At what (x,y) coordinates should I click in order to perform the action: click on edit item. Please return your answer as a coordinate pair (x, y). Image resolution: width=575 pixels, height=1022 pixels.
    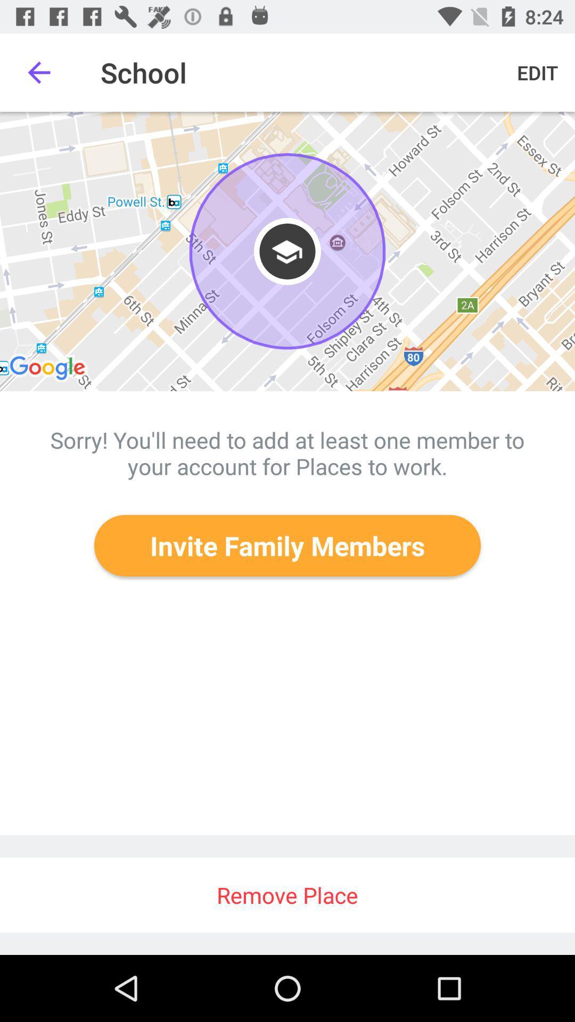
    Looking at the image, I should click on (537, 72).